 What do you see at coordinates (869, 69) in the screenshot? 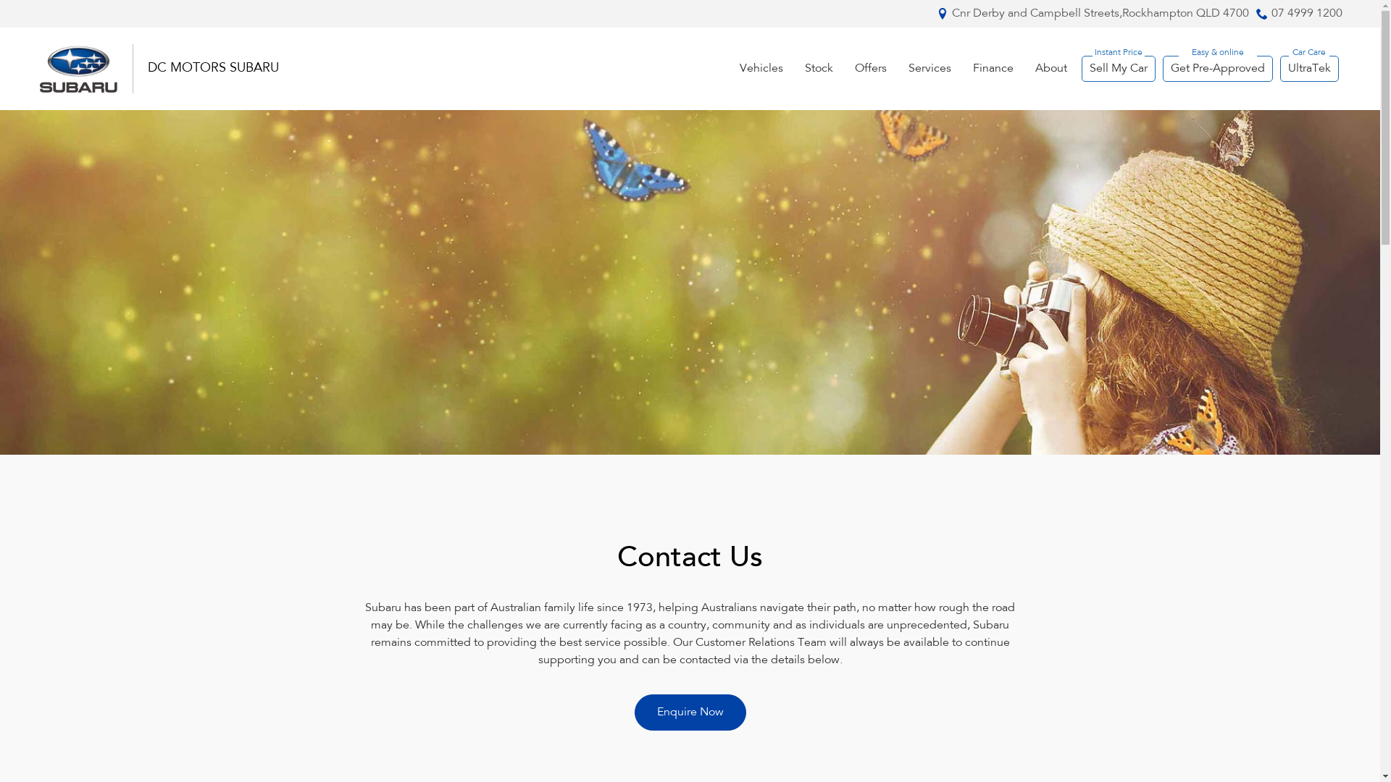
I see `'Offers'` at bounding box center [869, 69].